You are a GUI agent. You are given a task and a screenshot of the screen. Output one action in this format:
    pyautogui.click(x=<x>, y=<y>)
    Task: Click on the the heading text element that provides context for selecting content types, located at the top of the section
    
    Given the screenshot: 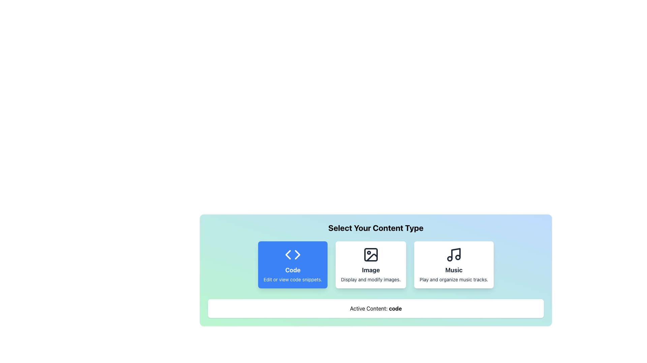 What is the action you would take?
    pyautogui.click(x=375, y=228)
    